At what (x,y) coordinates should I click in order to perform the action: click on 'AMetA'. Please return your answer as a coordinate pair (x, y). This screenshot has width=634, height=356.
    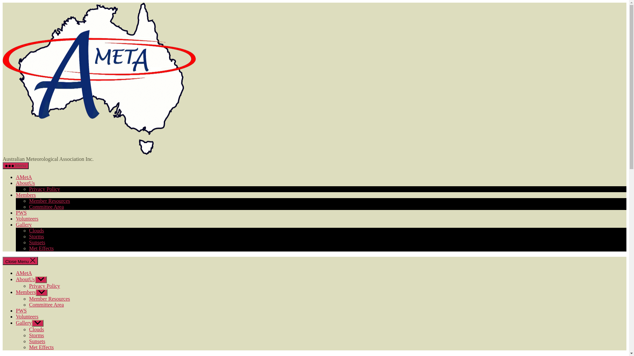
    Looking at the image, I should click on (24, 273).